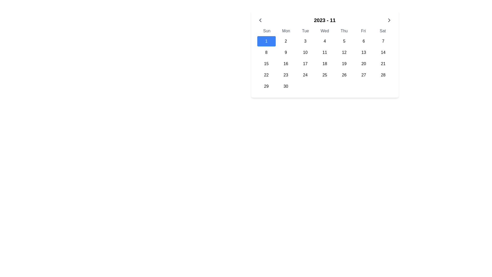 Image resolution: width=492 pixels, height=277 pixels. Describe the element at coordinates (324, 64) in the screenshot. I see `the calendar grid layout element that represents the days of the current month, positioned centrally below the month and year title ('2023 - 11')` at that location.